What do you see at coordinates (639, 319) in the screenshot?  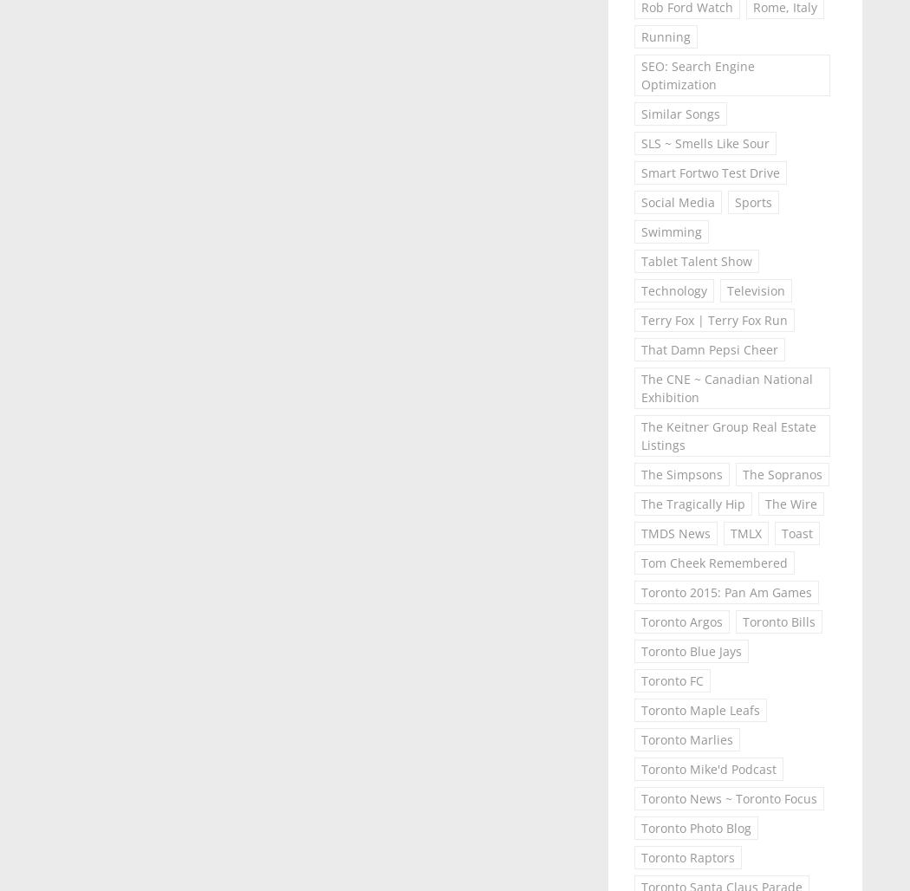 I see `'Terry Fox | Terry Fox Run'` at bounding box center [639, 319].